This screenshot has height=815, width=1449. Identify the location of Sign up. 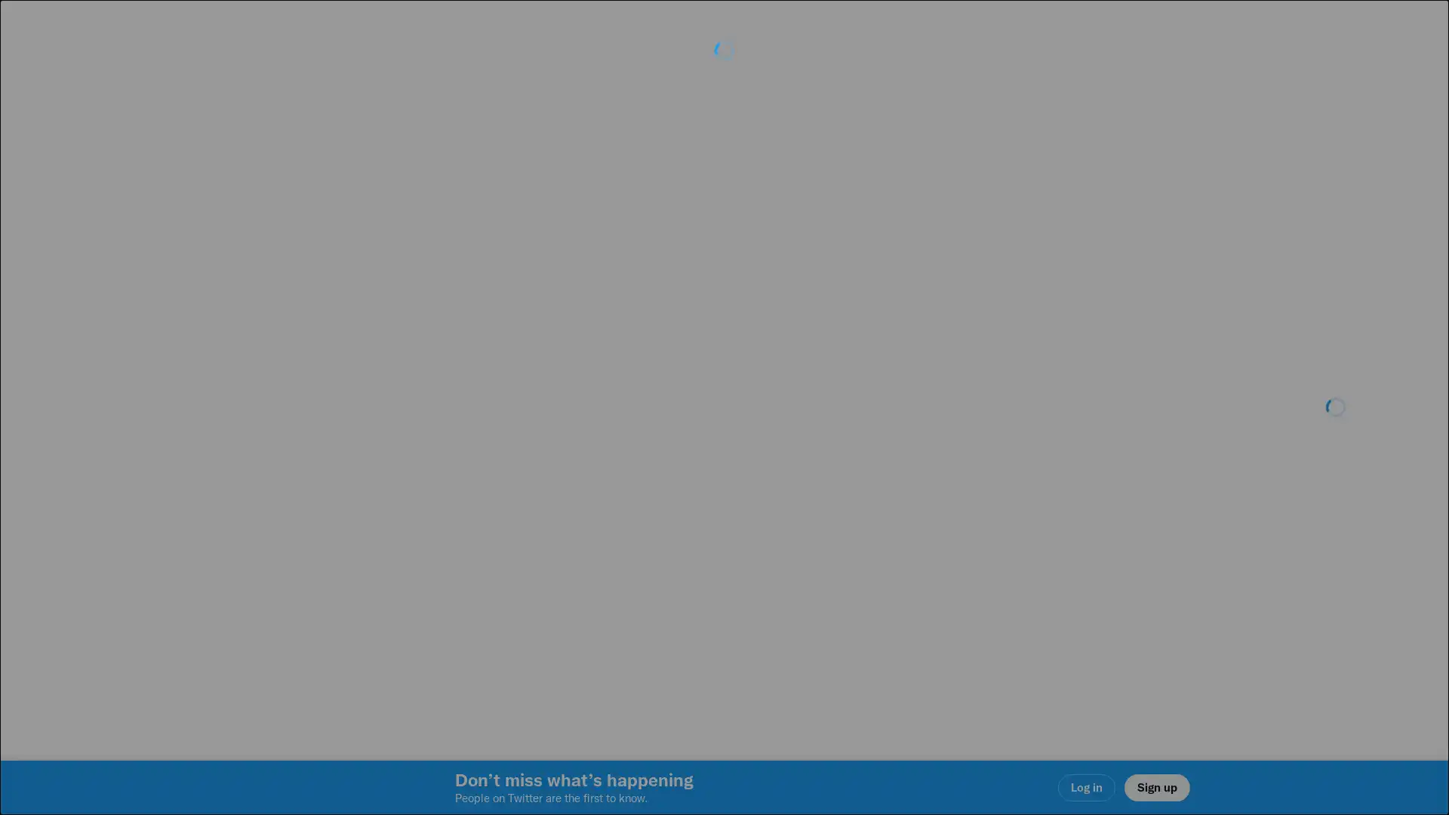
(545, 514).